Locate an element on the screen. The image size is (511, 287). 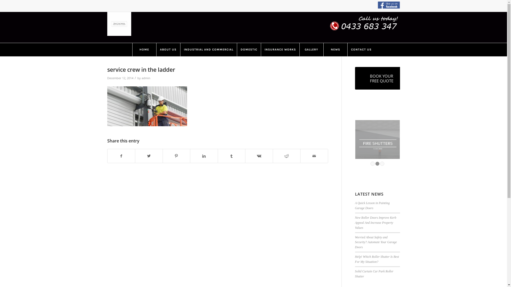
'Help! Which Roller Shutter Is Best For My Situation?' is located at coordinates (377, 259).